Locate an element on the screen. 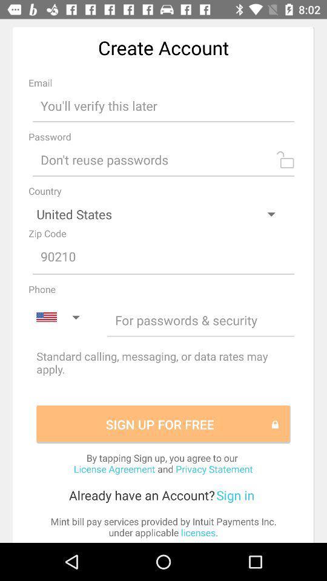  input zip code is located at coordinates (163, 257).